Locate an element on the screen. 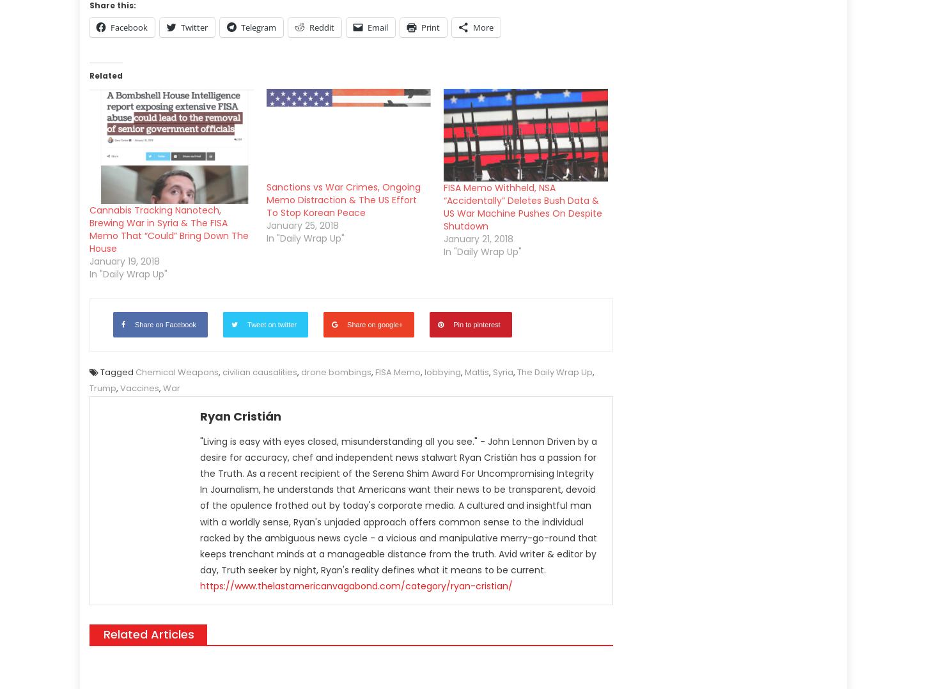  'Trump' is located at coordinates (89, 388).